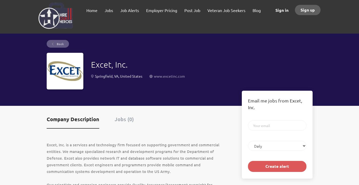 This screenshot has width=359, height=185. What do you see at coordinates (92, 10) in the screenshot?
I see `'Home'` at bounding box center [92, 10].